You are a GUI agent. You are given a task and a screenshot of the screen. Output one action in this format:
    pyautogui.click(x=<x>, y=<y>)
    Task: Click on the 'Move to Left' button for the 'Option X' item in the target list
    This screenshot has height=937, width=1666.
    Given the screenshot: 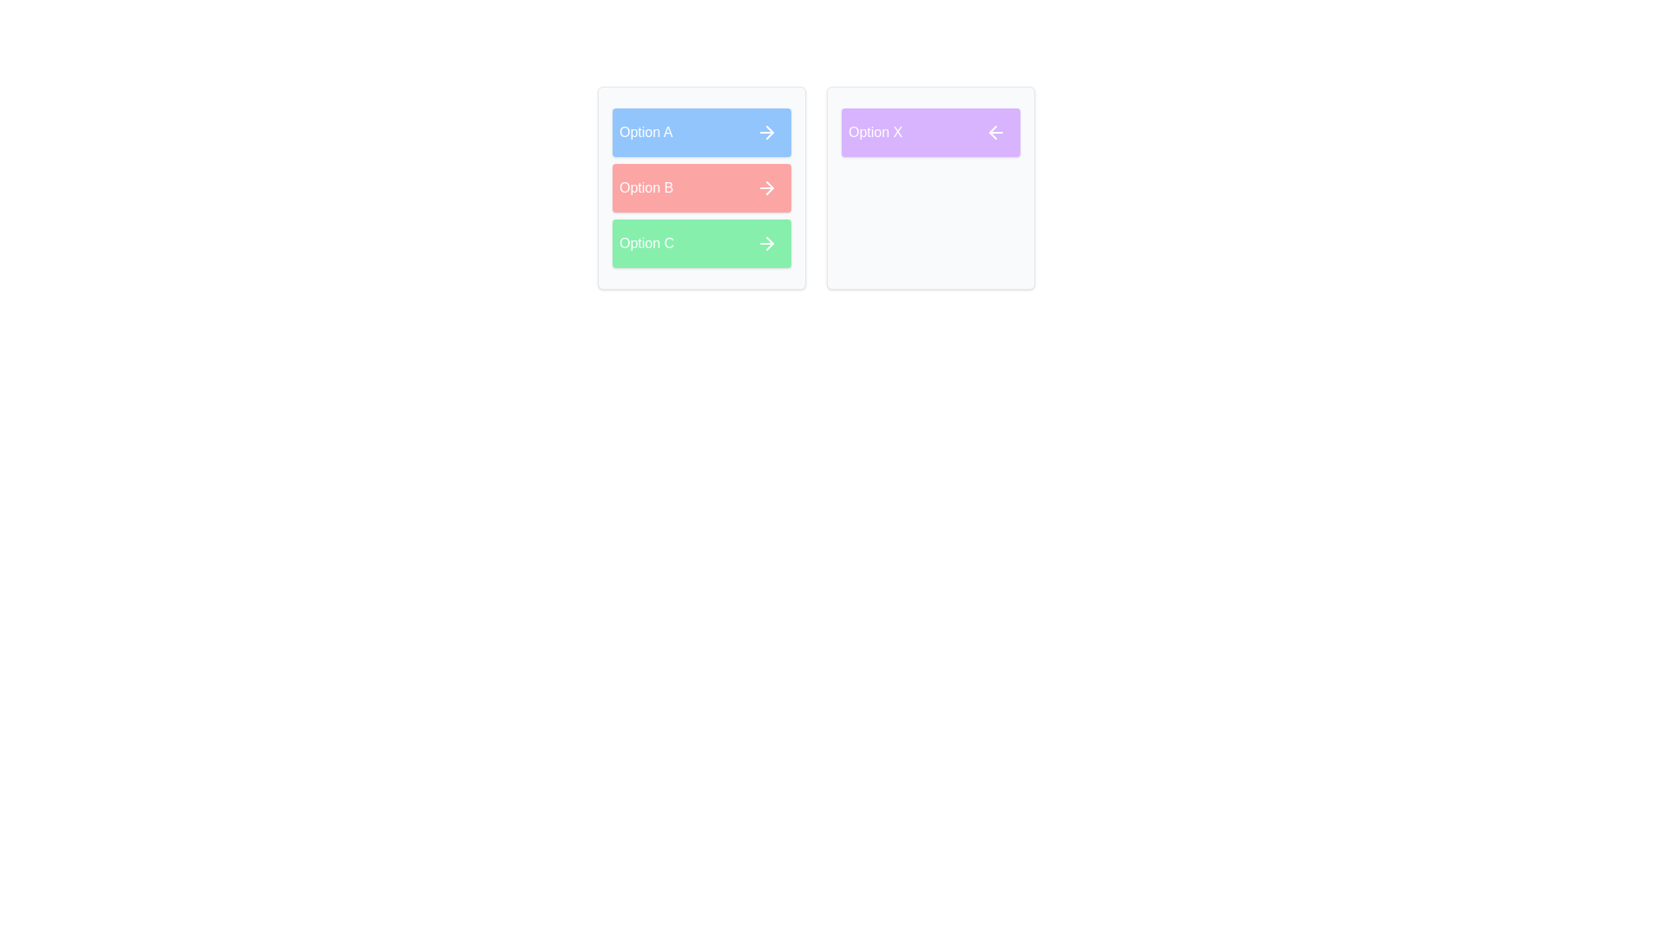 What is the action you would take?
    pyautogui.click(x=995, y=132)
    